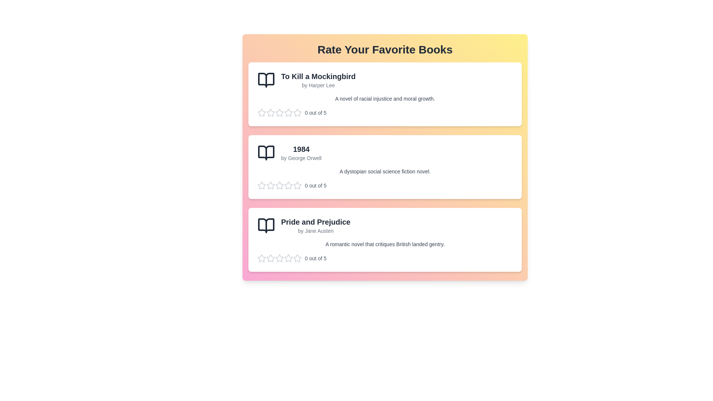 This screenshot has width=713, height=401. I want to click on the first star-shaped rating icon located under the book description for 'To Kill a Mockingbird', so click(279, 113).